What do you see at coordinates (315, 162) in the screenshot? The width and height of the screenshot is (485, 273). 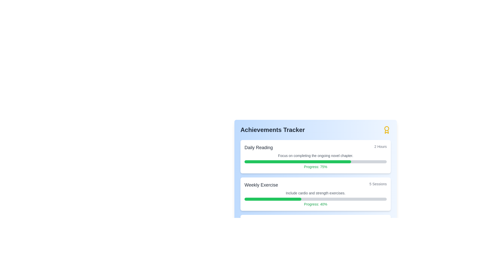 I see `the progress bar indicating 'Progress: 75%' within the 'Daily Reading' card, which is part of the 'Achievements Tracker' section` at bounding box center [315, 162].